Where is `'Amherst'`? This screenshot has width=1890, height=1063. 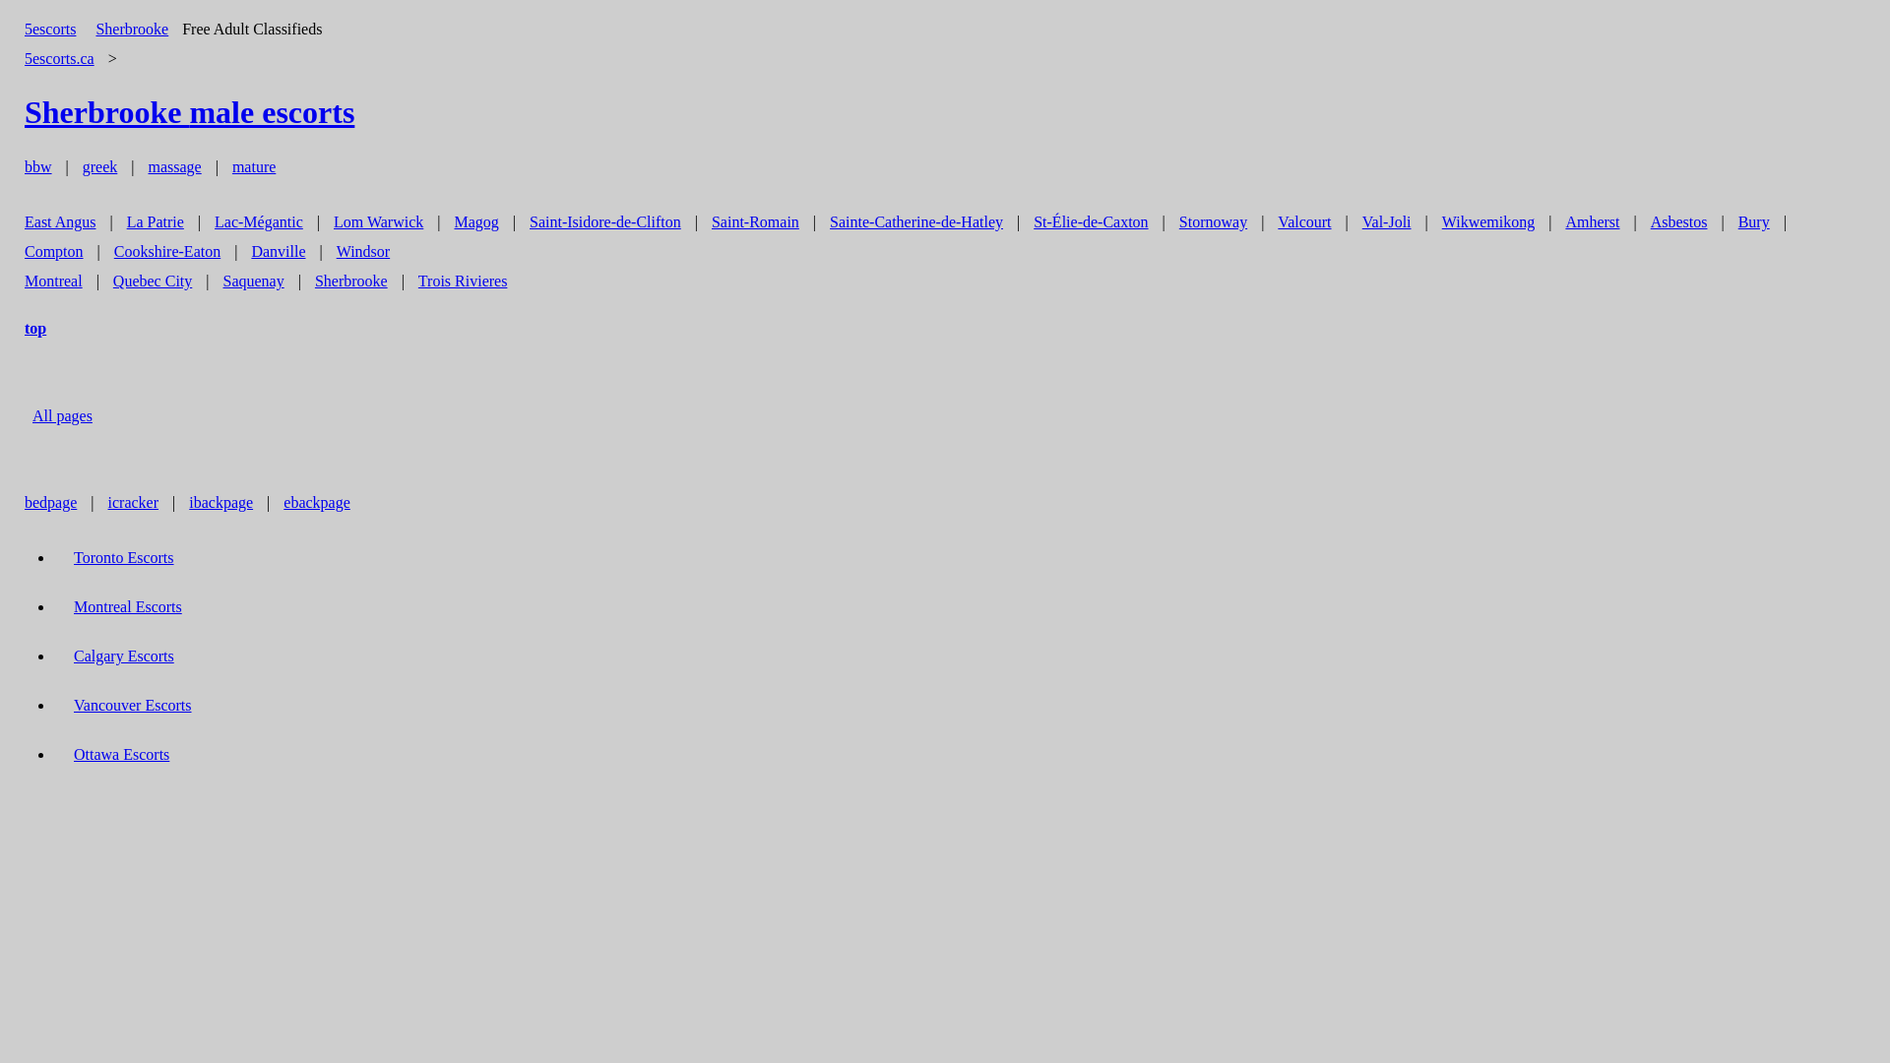 'Amherst' is located at coordinates (1592, 221).